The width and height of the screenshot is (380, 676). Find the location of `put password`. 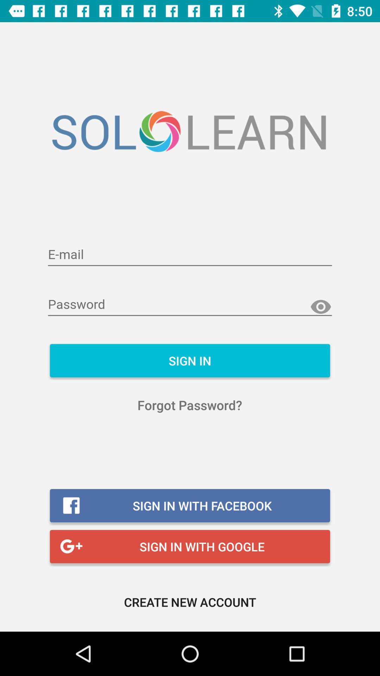

put password is located at coordinates (190, 305).